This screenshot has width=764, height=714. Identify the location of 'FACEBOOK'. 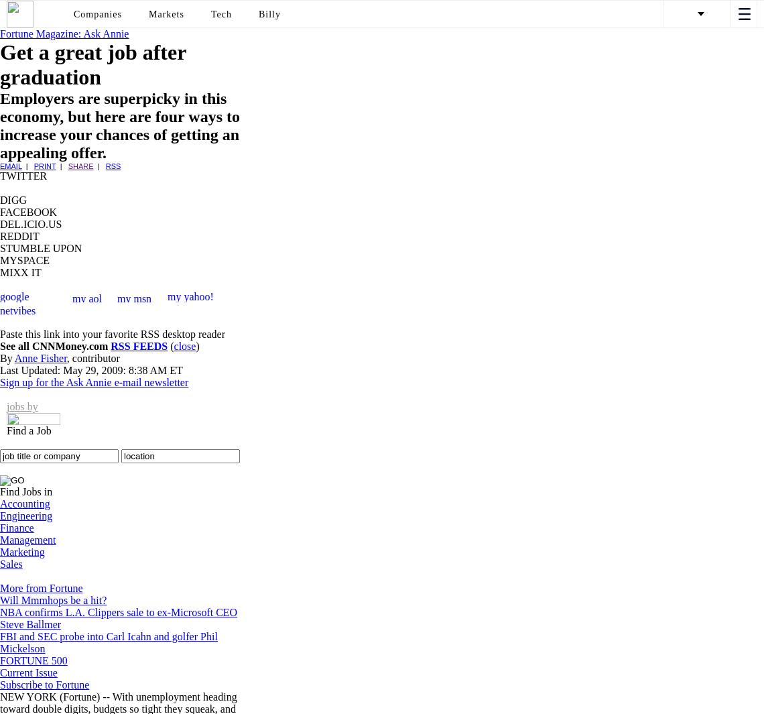
(0, 211).